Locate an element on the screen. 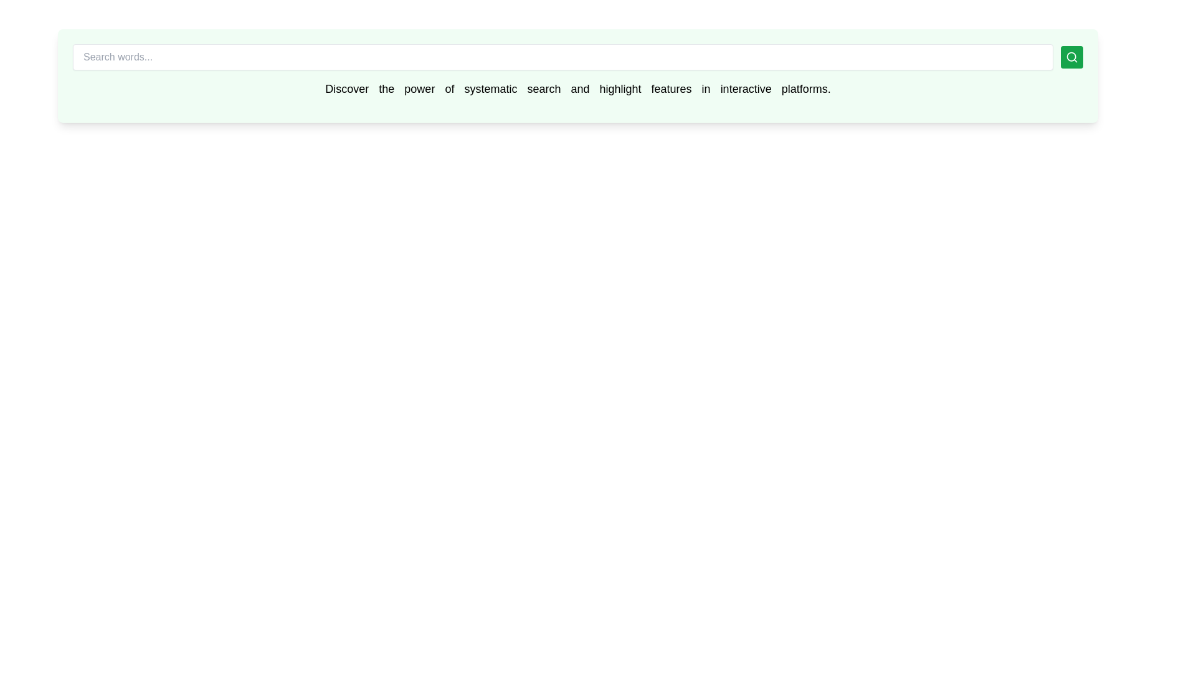 This screenshot has height=673, width=1196. the text span that is the fourth word in a sentence, located between 'power' and 'systematic', which has interactive styling on hover is located at coordinates (448, 88).